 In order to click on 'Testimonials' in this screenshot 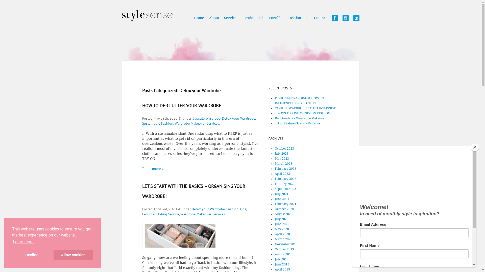, I will do `click(253, 20)`.